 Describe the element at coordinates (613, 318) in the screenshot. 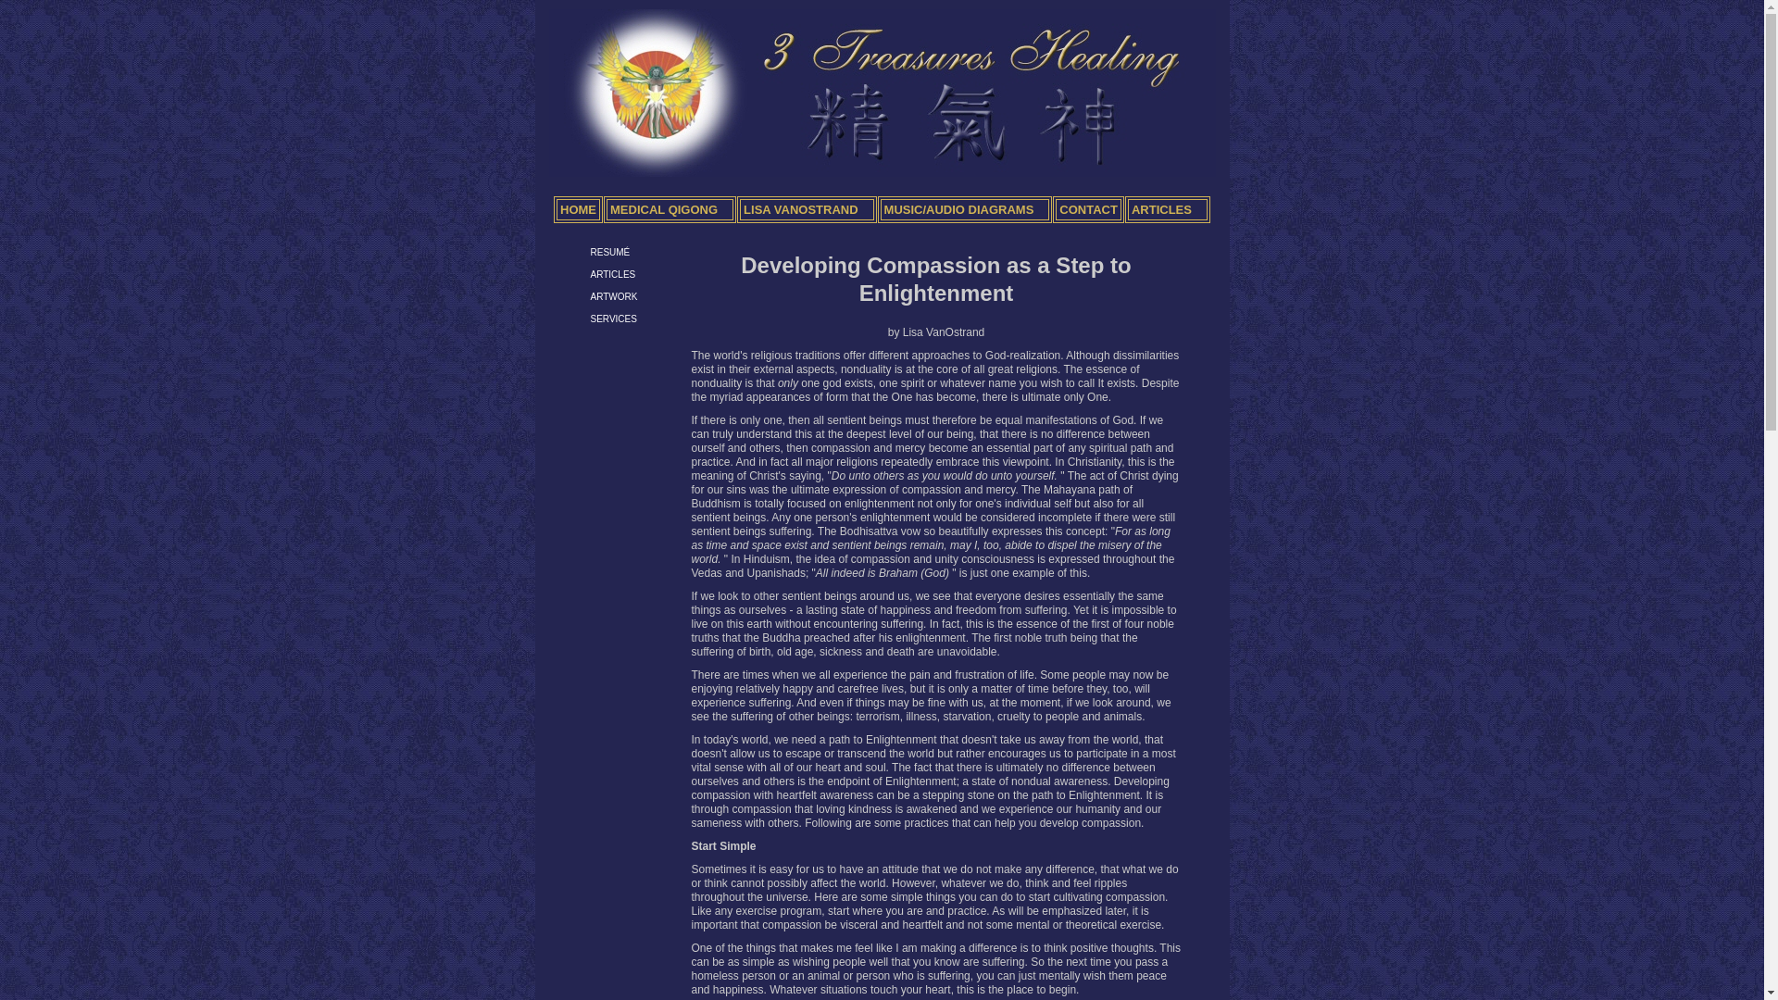

I see `'SERVICES'` at that location.